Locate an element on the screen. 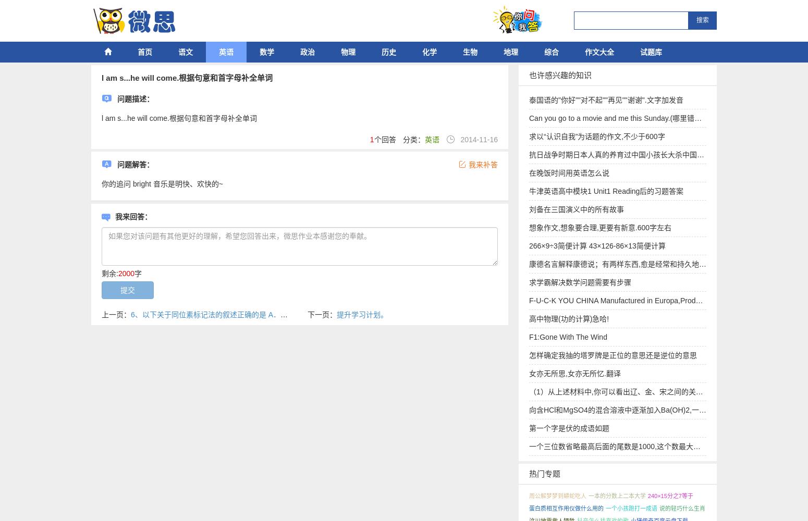 The width and height of the screenshot is (808, 521). '1' is located at coordinates (369, 140).